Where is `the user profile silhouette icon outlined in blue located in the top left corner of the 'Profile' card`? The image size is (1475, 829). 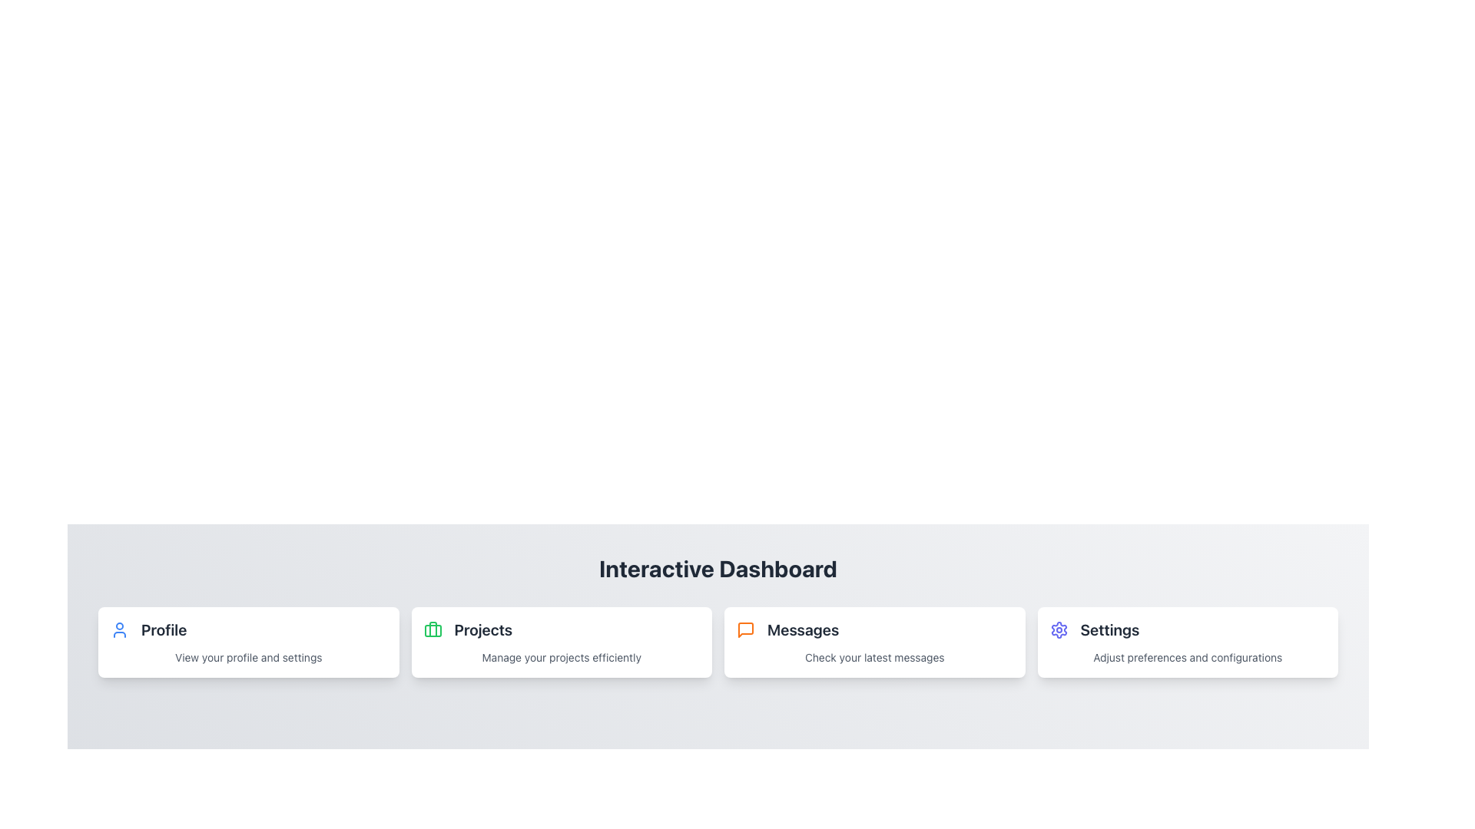 the user profile silhouette icon outlined in blue located in the top left corner of the 'Profile' card is located at coordinates (119, 630).